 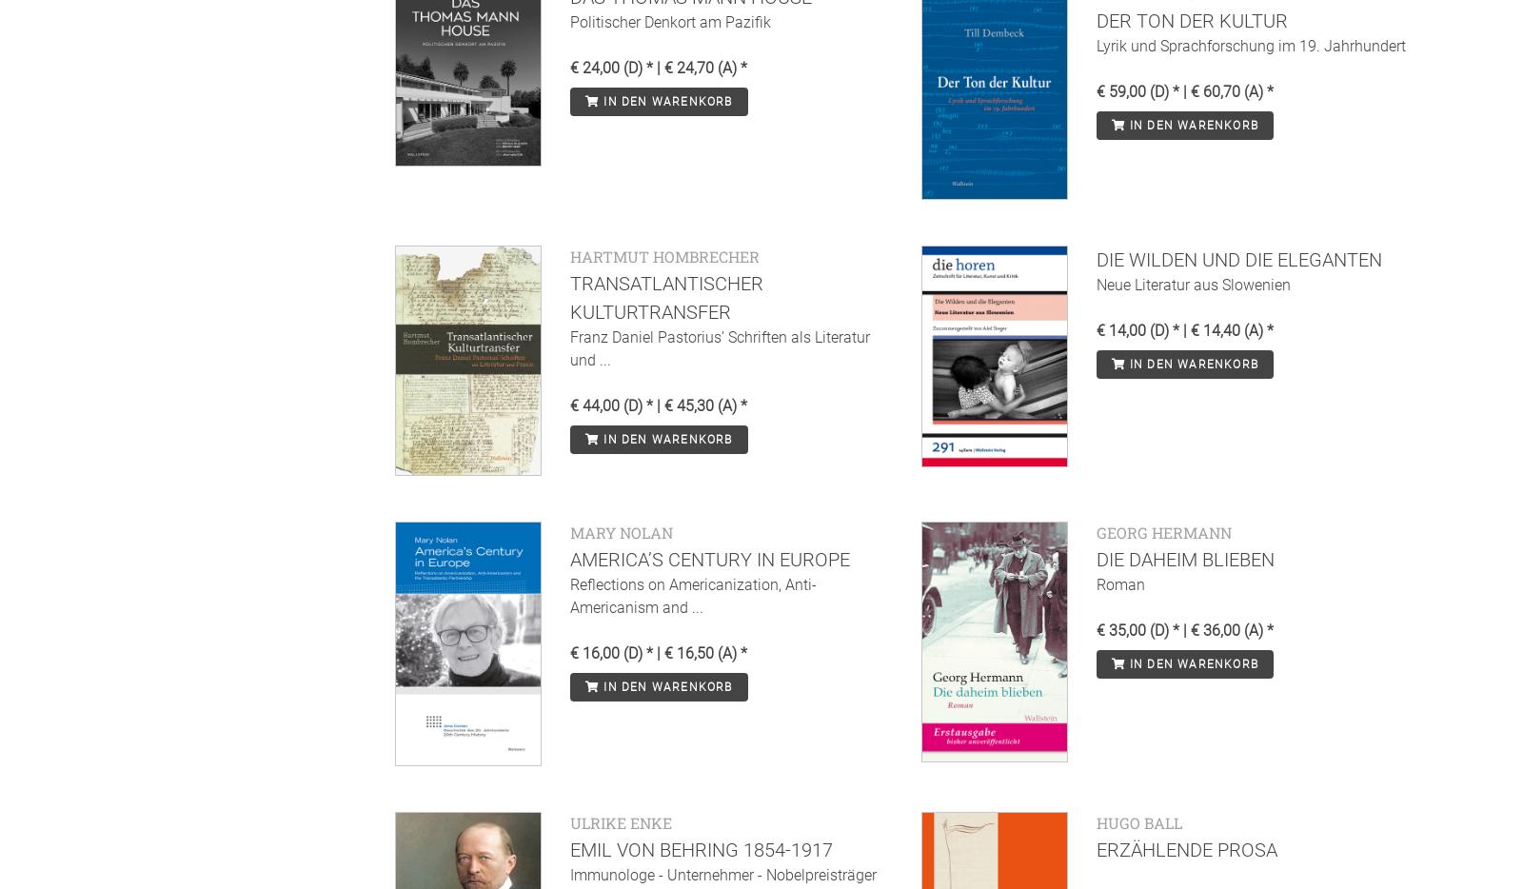 I want to click on 'Der Ton der Kultur', so click(x=1096, y=19).